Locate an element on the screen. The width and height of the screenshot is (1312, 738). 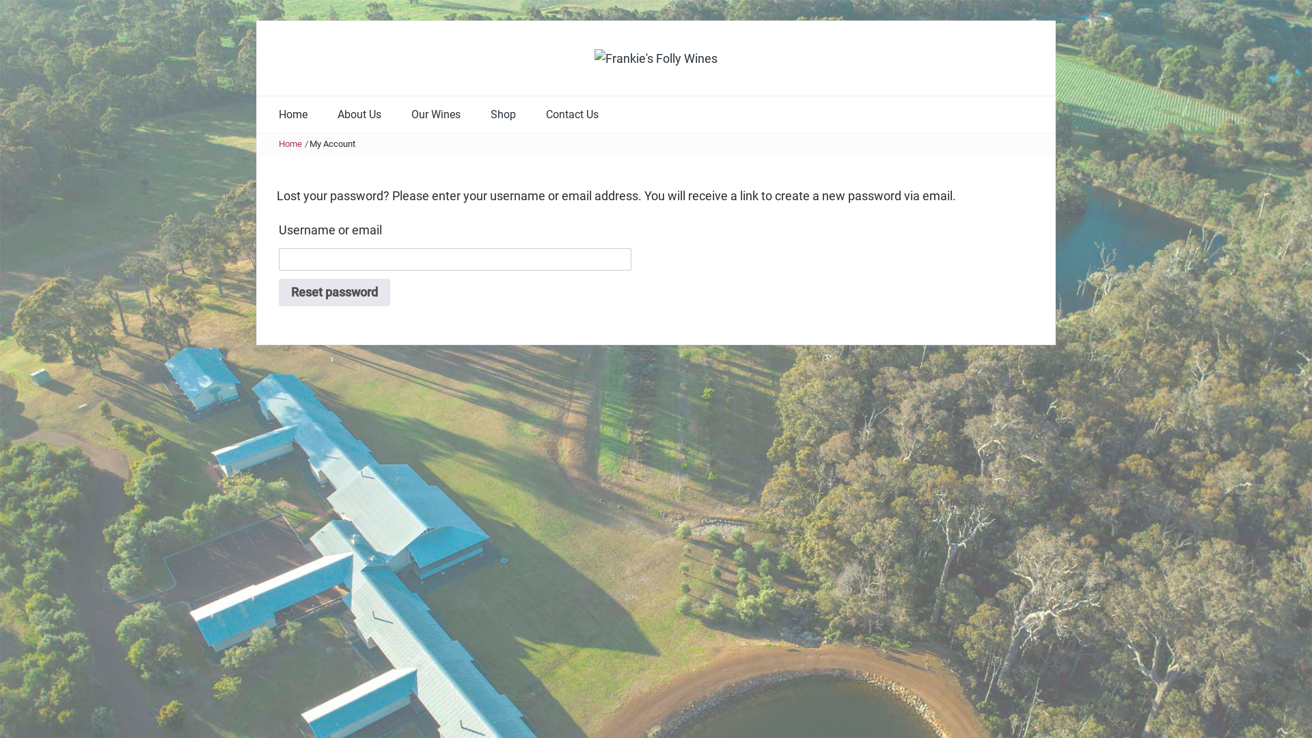
'Home' is located at coordinates (292, 114).